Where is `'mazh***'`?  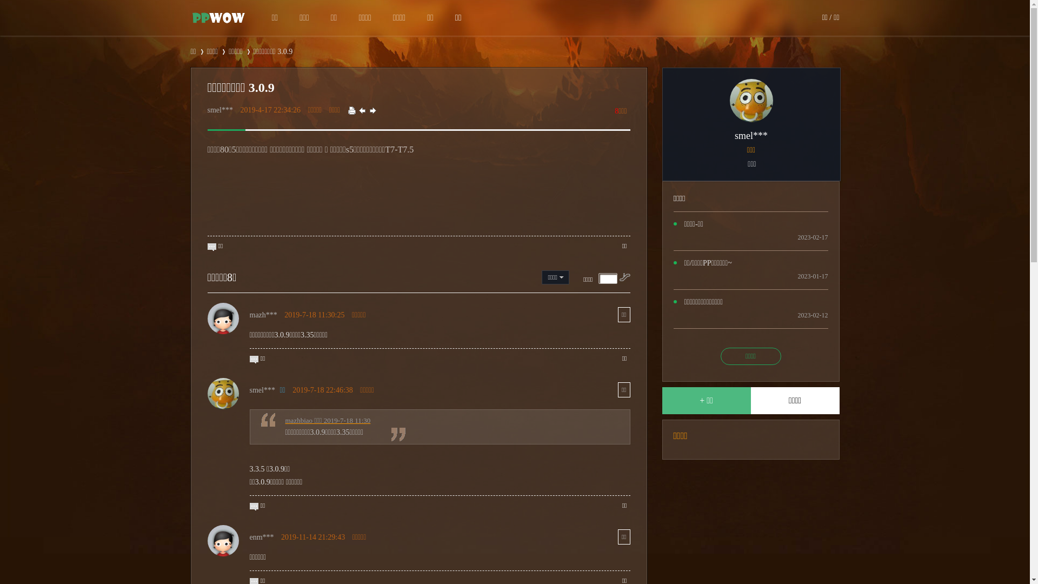 'mazh***' is located at coordinates (263, 315).